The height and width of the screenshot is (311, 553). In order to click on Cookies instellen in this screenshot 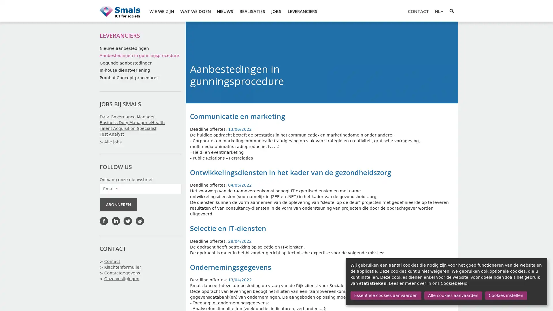, I will do `click(505, 295)`.